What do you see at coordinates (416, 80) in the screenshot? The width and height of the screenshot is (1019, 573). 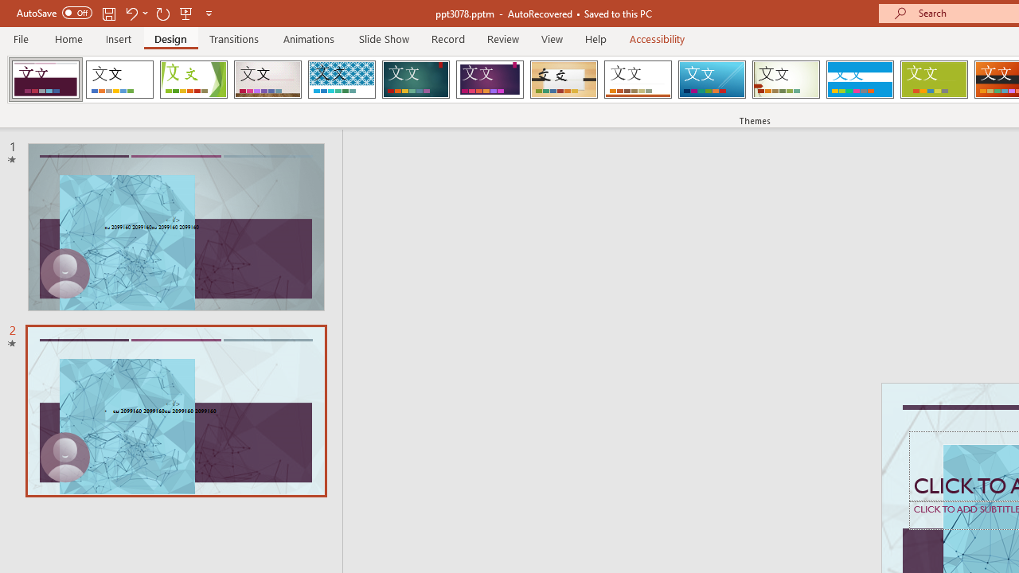 I see `'Ion'` at bounding box center [416, 80].